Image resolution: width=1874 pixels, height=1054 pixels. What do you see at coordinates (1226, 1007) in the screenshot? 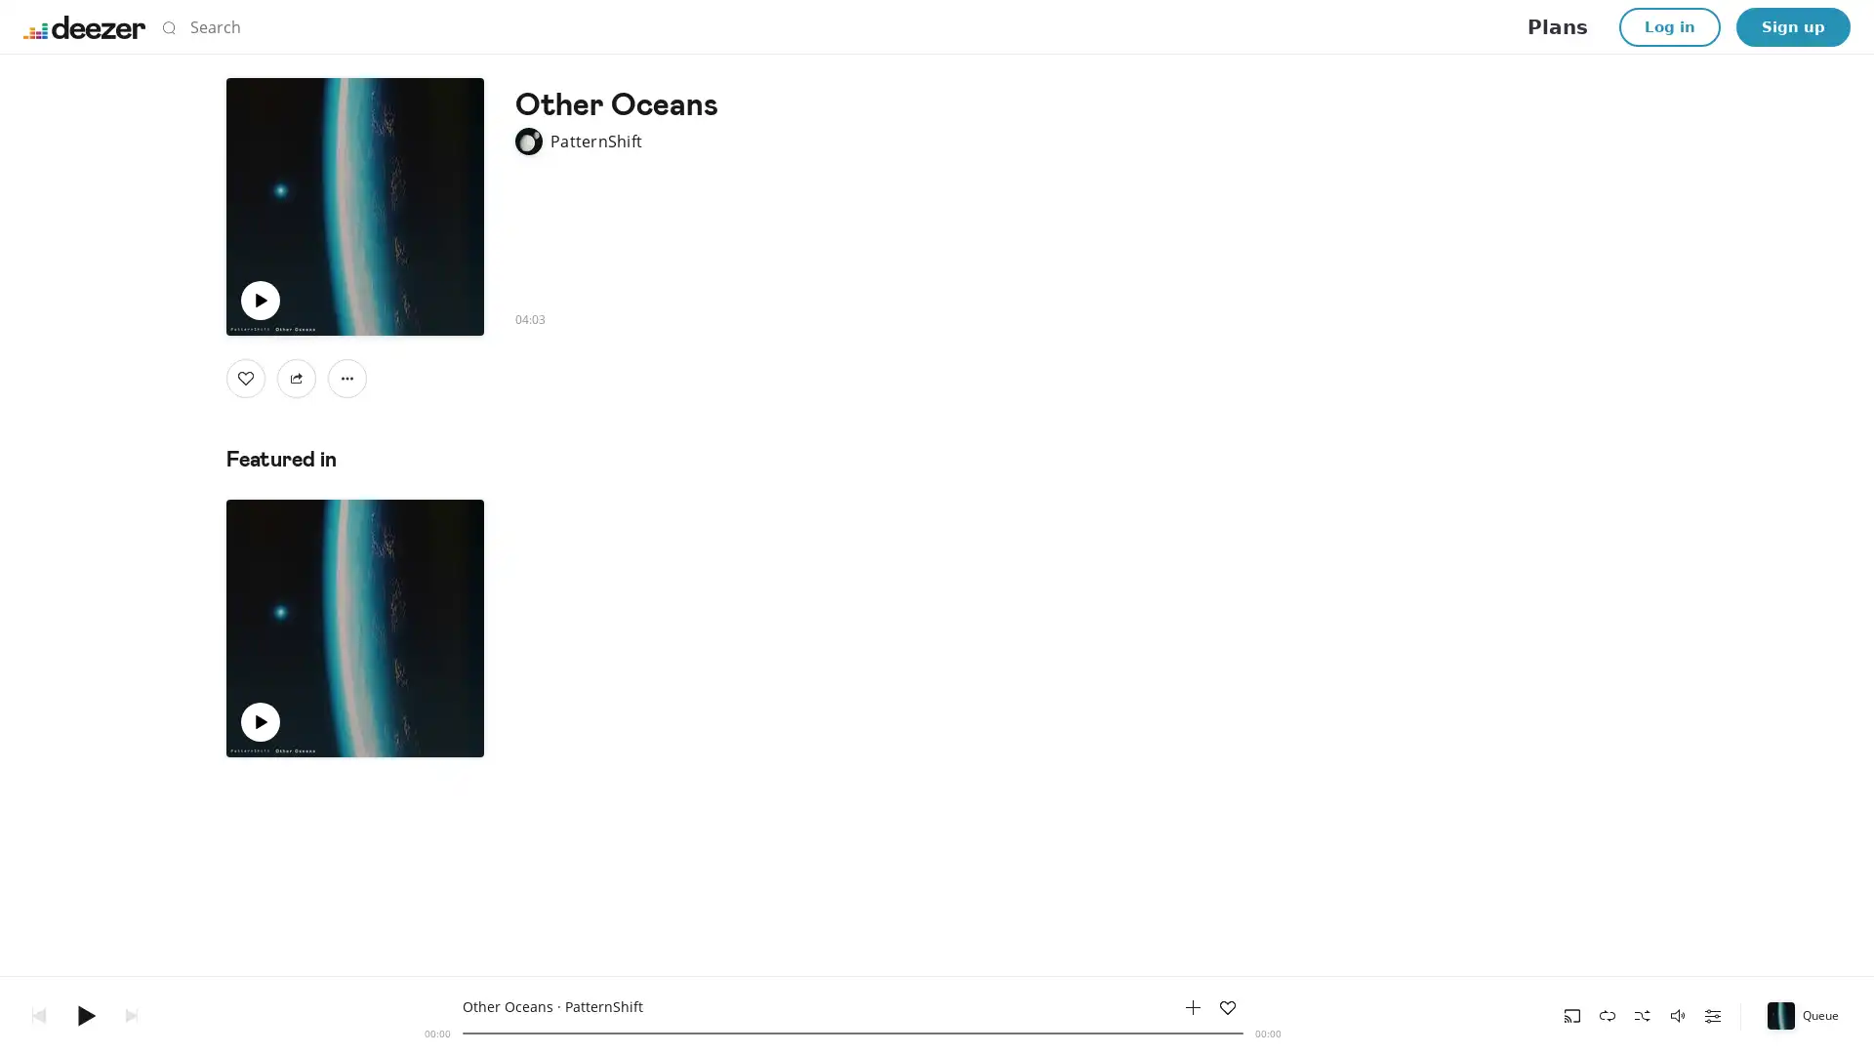
I see `Add to Favorite tracks` at bounding box center [1226, 1007].